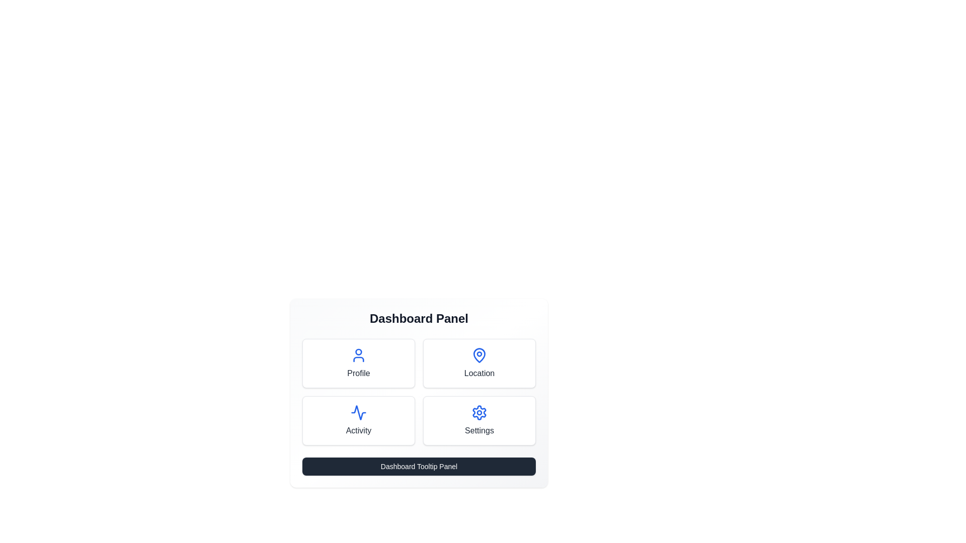 This screenshot has width=966, height=543. Describe the element at coordinates (359, 421) in the screenshot. I see `the activity-related button located in the bottom-left quadrant of the grid, positioned below the 'Profile' button and to the left of the 'Settings' button` at that location.